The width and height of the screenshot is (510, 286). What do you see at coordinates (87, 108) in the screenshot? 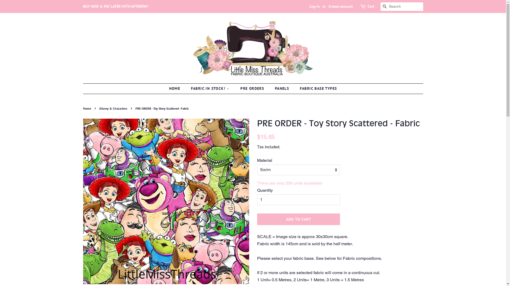
I see `'Home'` at bounding box center [87, 108].